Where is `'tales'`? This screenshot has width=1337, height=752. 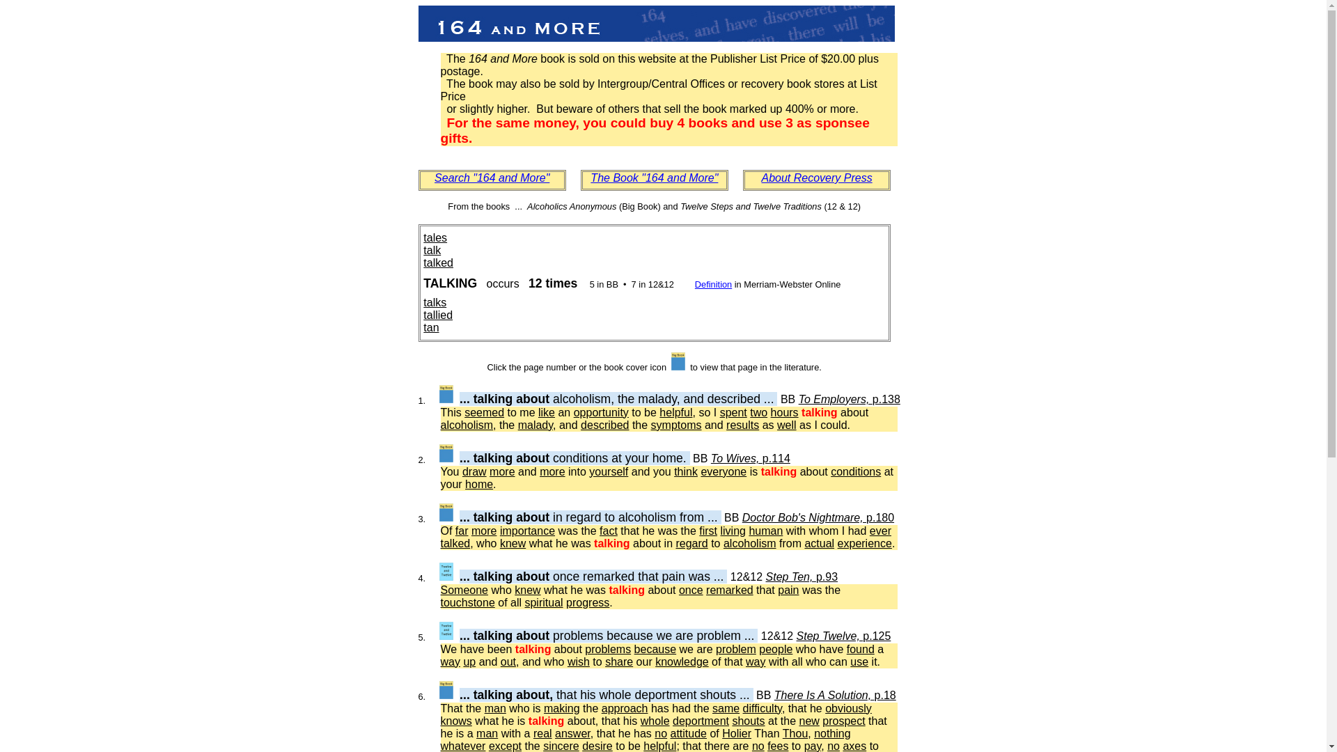 'tales' is located at coordinates (434, 237).